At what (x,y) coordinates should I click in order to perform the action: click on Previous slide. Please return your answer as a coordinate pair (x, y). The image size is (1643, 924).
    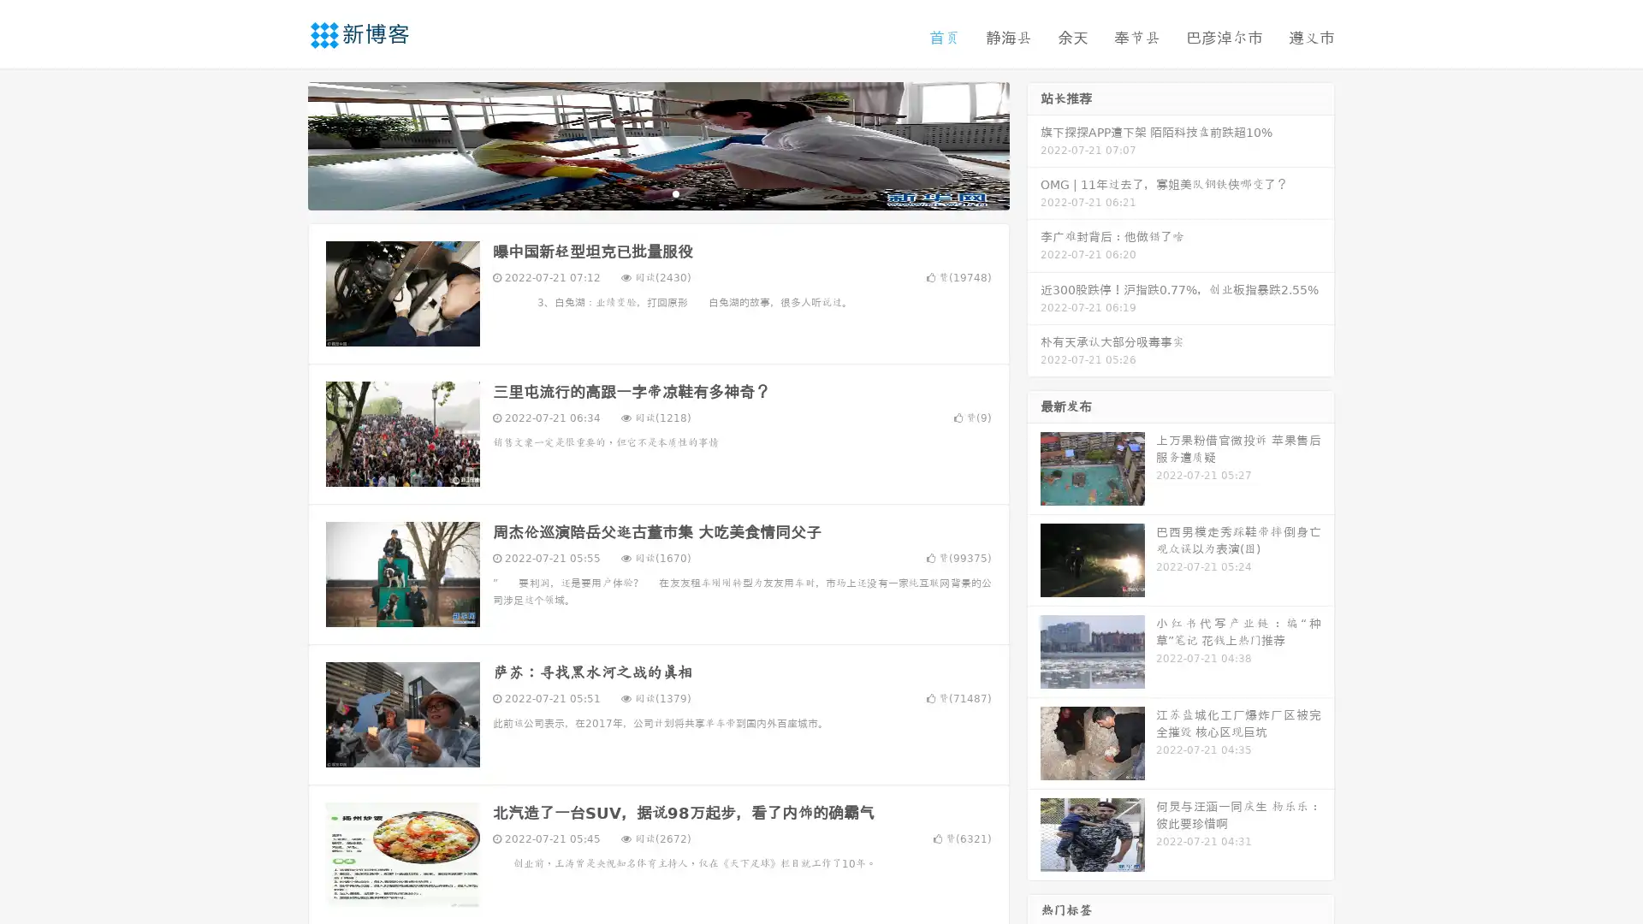
    Looking at the image, I should click on (282, 144).